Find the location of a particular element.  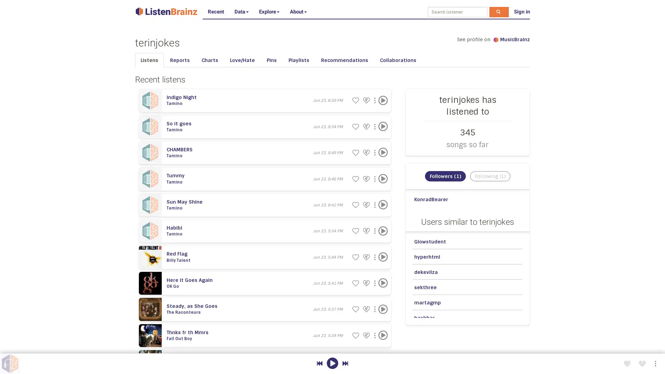

Following (1) is located at coordinates (489, 176).